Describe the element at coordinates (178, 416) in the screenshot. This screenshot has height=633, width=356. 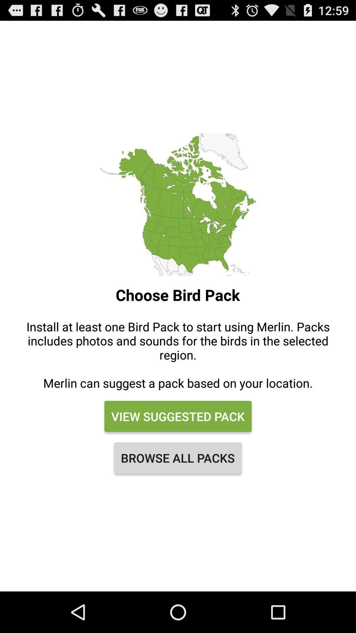
I see `the view suggested pack` at that location.